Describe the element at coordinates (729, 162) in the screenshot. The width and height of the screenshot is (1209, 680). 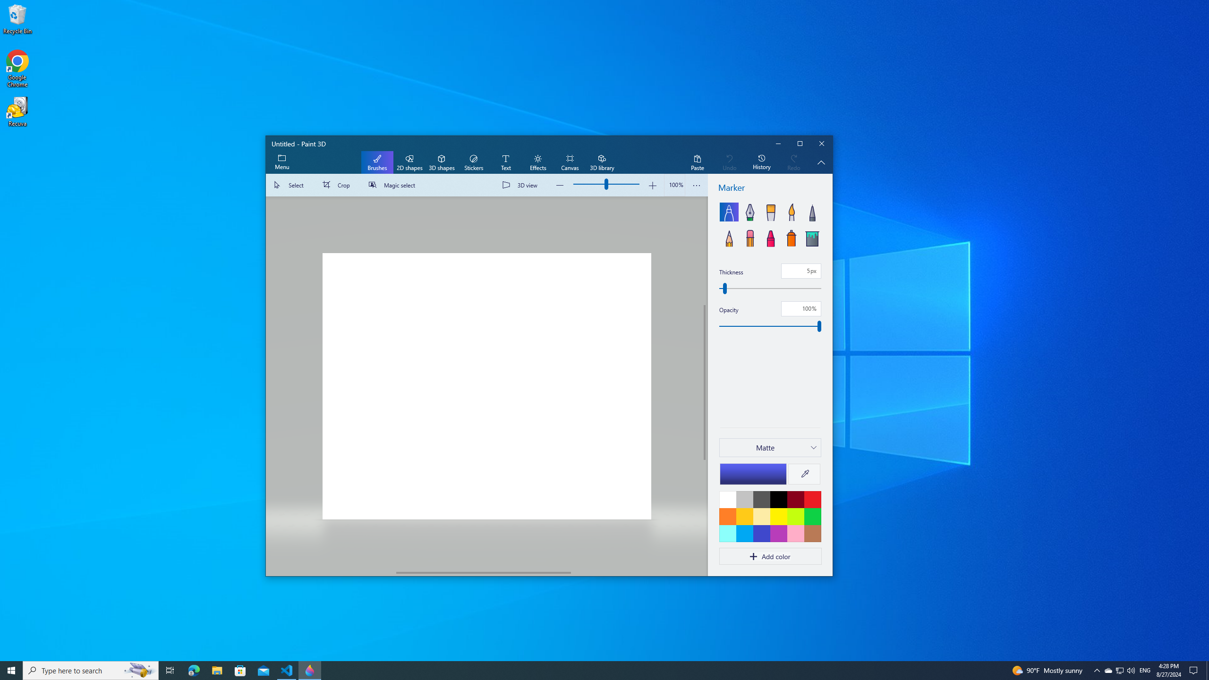
I see `'Undo'` at that location.